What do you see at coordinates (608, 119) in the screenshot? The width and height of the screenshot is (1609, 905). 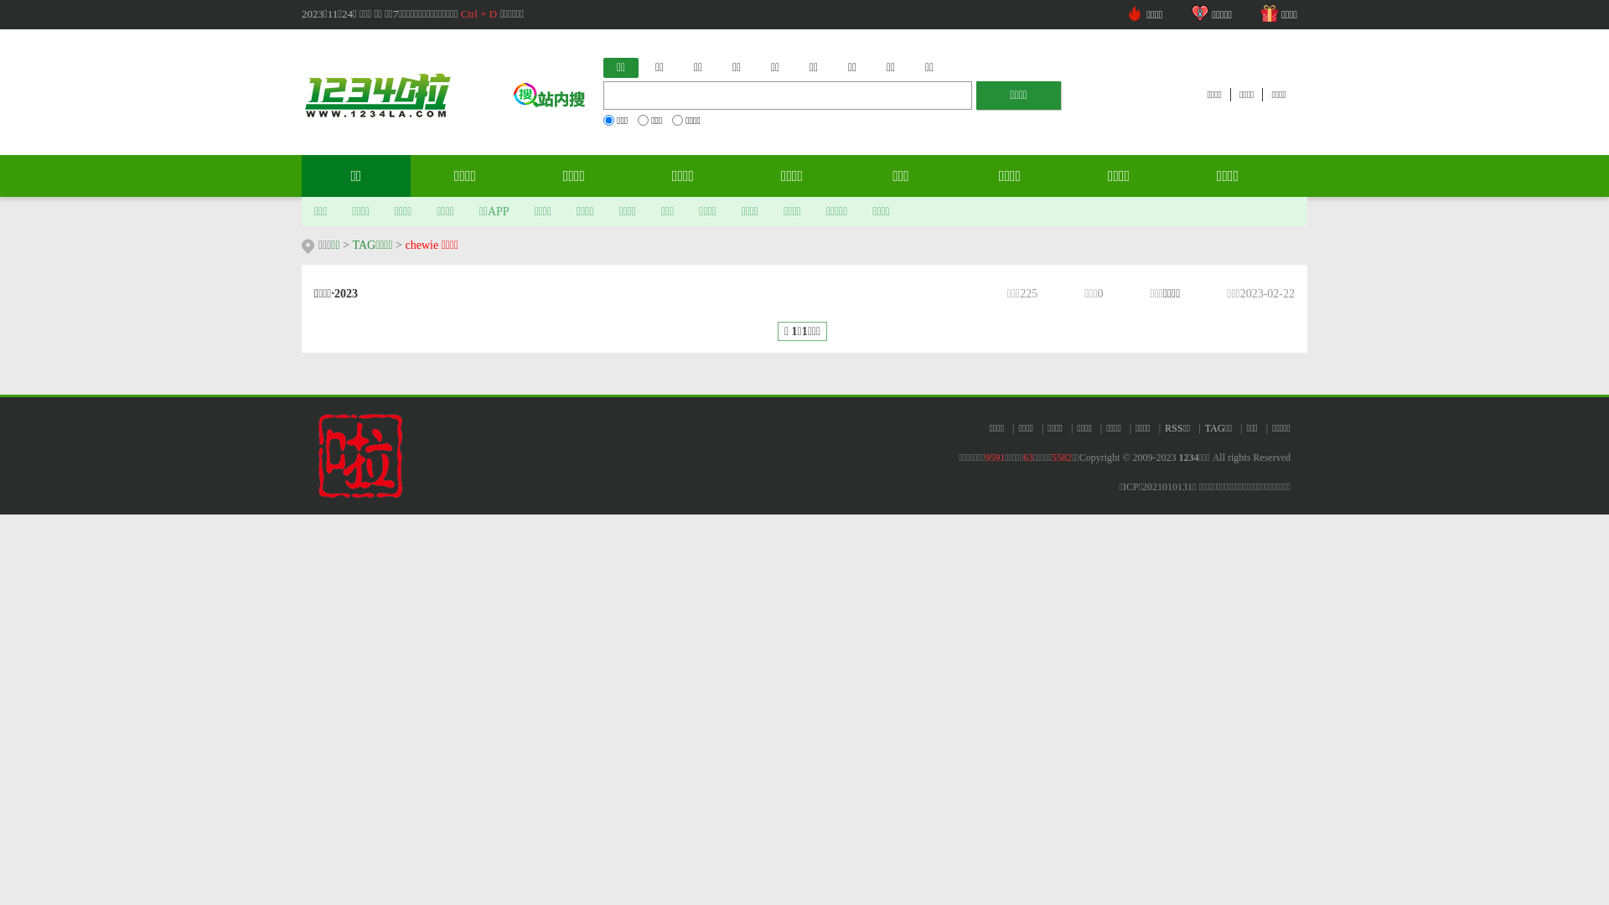 I see `'on'` at bounding box center [608, 119].